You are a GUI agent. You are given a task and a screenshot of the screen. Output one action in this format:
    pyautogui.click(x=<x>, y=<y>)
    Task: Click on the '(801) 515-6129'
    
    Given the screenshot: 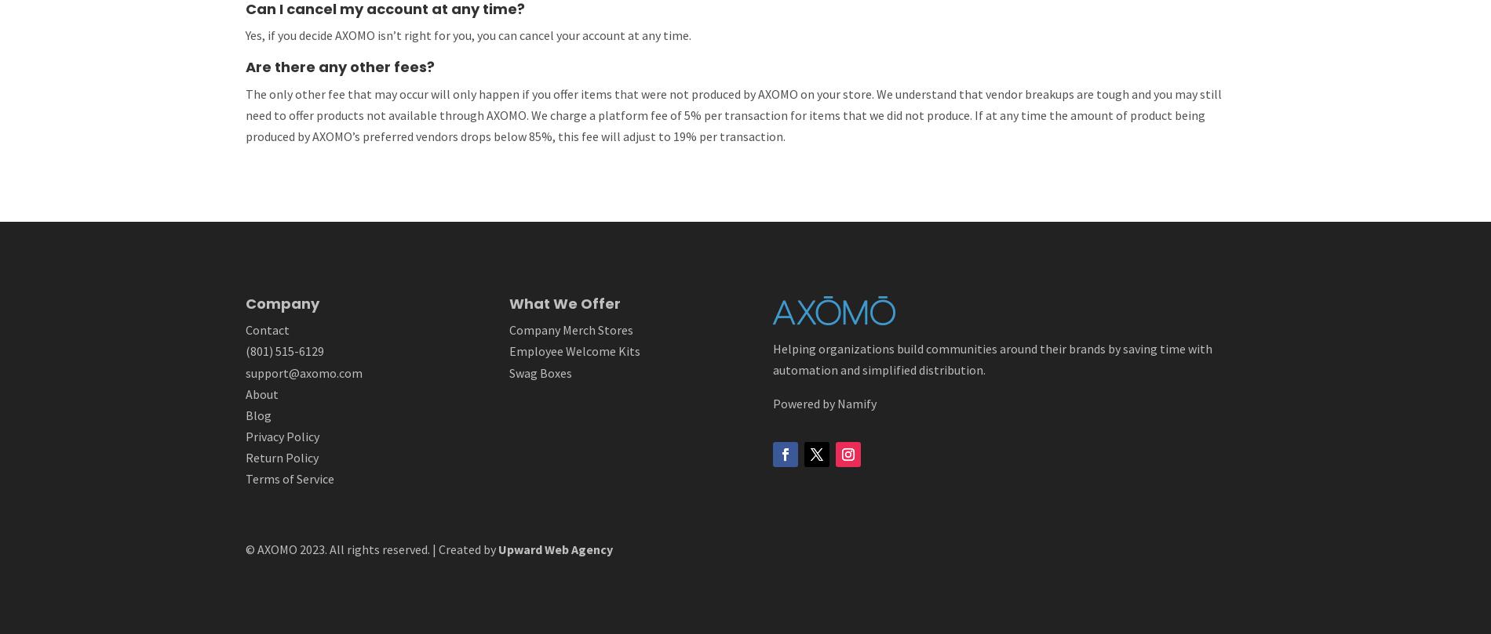 What is the action you would take?
    pyautogui.click(x=283, y=350)
    